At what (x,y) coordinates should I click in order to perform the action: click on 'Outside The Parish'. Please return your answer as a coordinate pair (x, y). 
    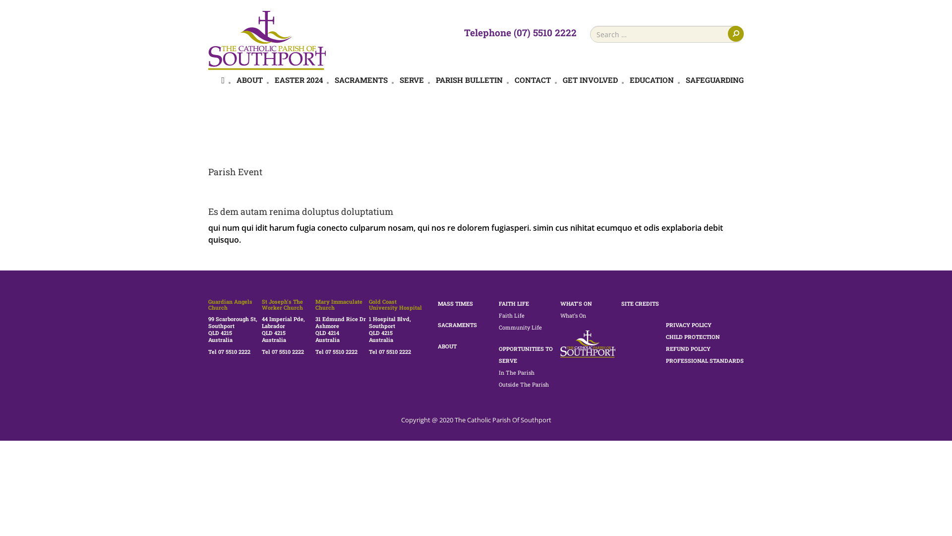
    Looking at the image, I should click on (523, 384).